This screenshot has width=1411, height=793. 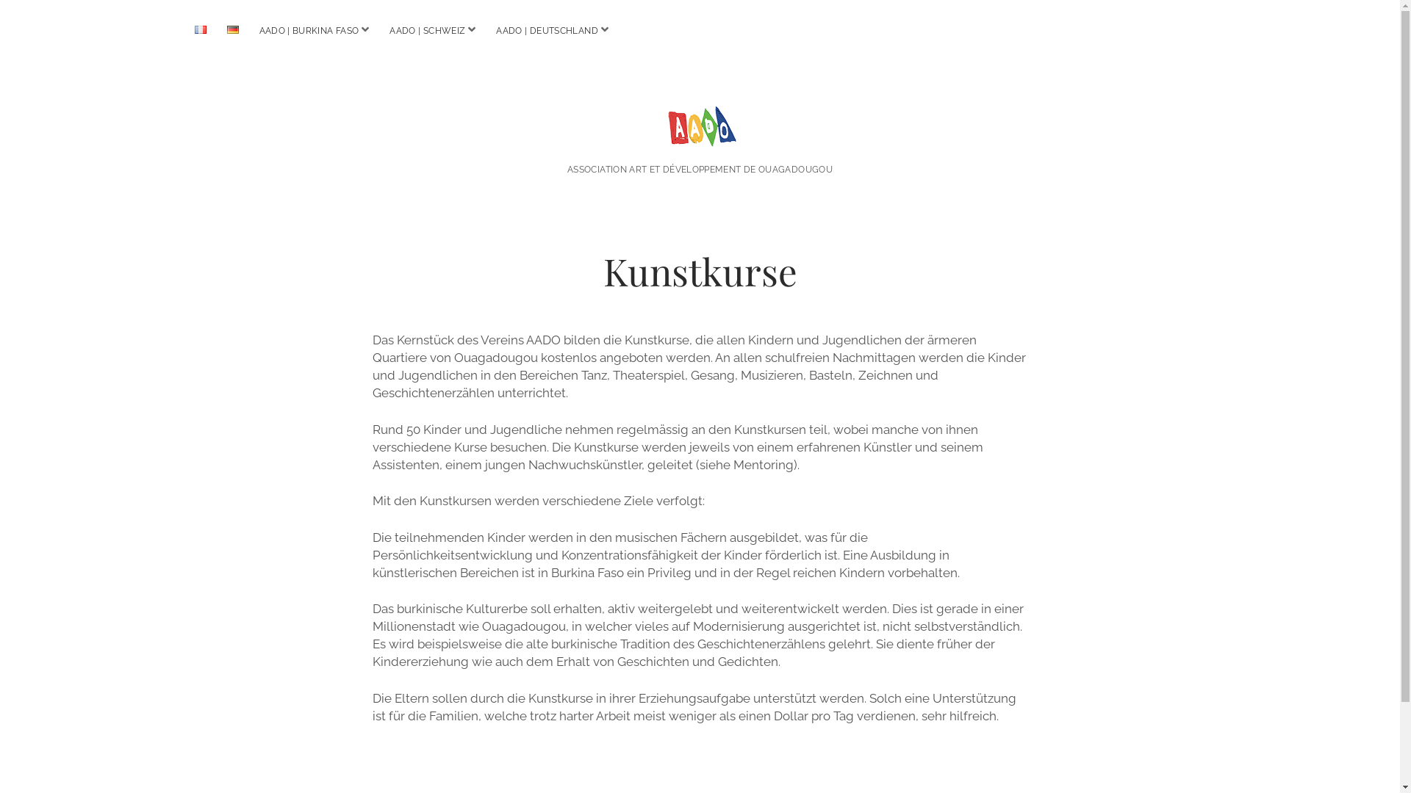 I want to click on 'AADO | BURKINA FASO', so click(x=250, y=31).